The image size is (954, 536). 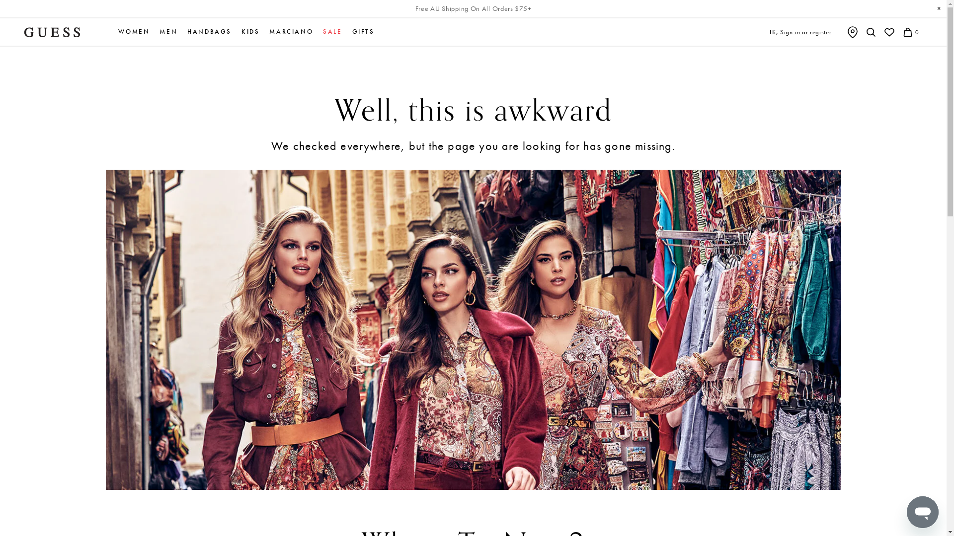 What do you see at coordinates (290, 31) in the screenshot?
I see `'MARCIANO'` at bounding box center [290, 31].